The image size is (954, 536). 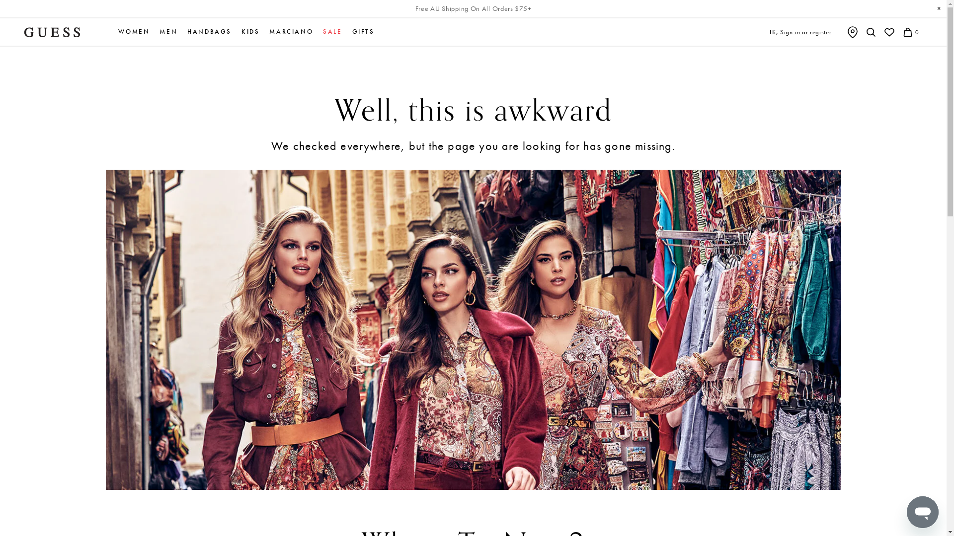 What do you see at coordinates (290, 31) in the screenshot?
I see `'MARCIANO'` at bounding box center [290, 31].